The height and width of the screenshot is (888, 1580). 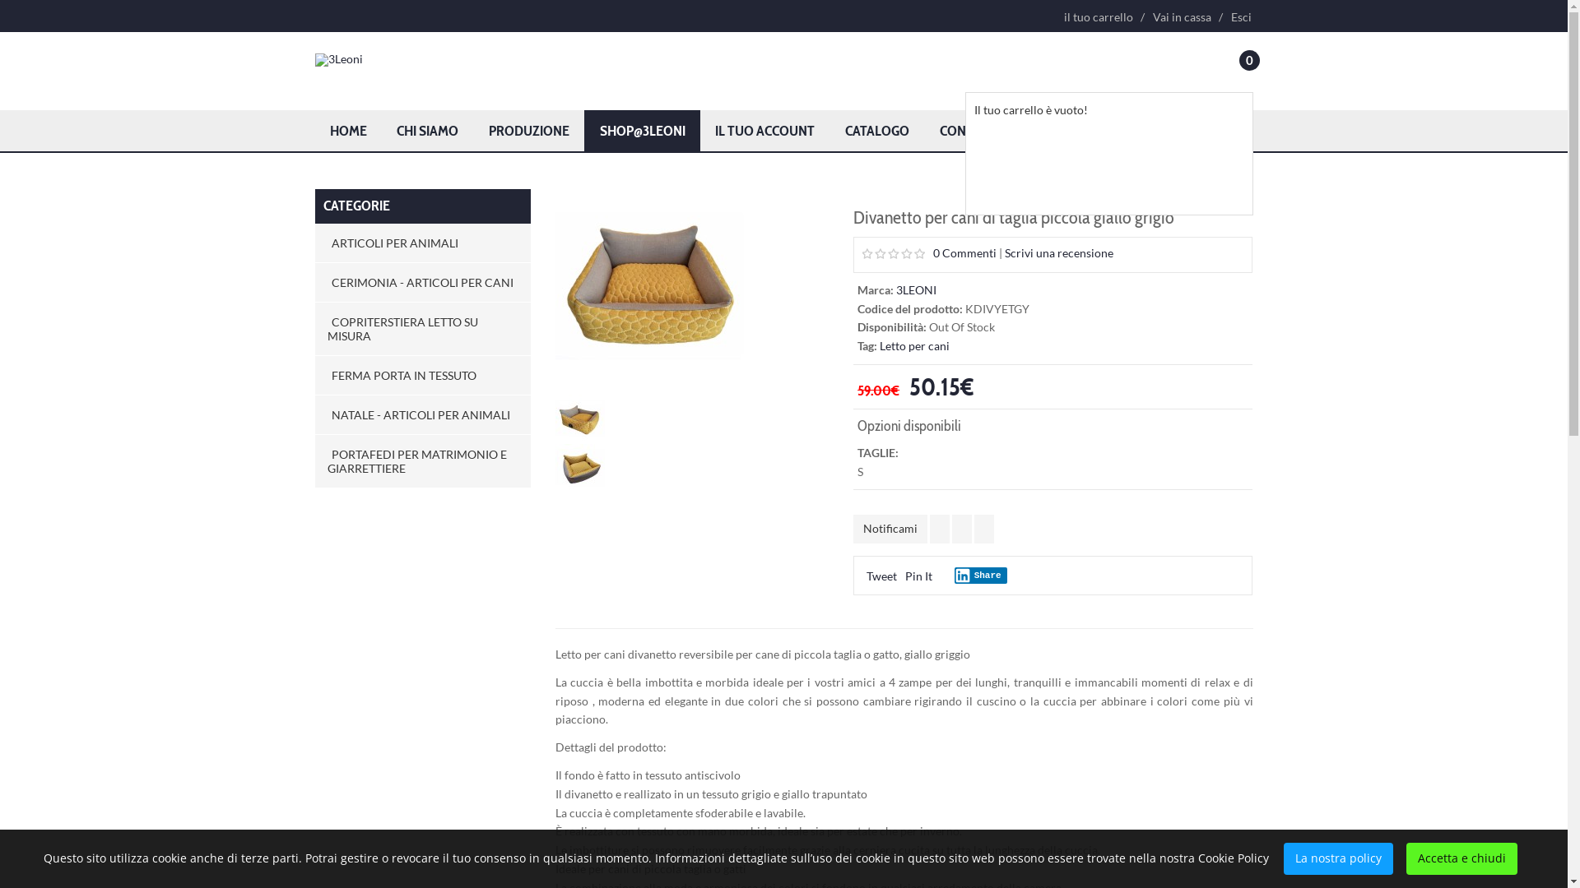 I want to click on 'IL TUO ACCOUNT', so click(x=764, y=129).